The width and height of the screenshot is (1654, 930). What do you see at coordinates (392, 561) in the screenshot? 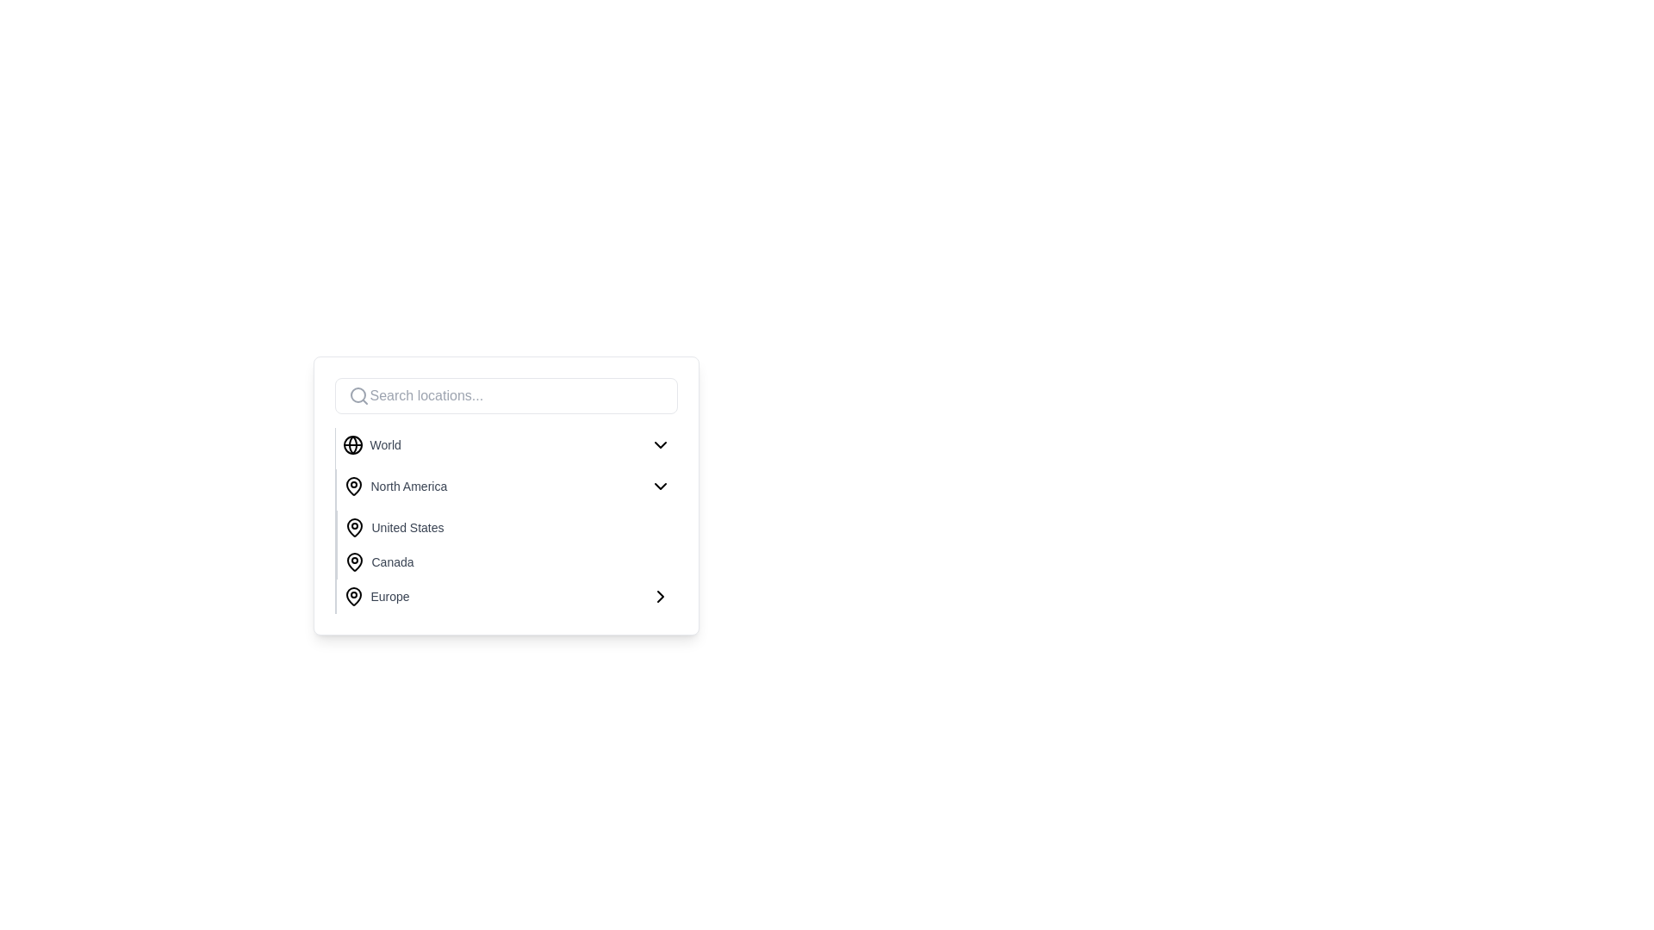
I see `the text label displaying 'Canada' in light gray color, located in the fourth row of the location selection menu, aligned to the right of the map pin icon` at bounding box center [392, 561].